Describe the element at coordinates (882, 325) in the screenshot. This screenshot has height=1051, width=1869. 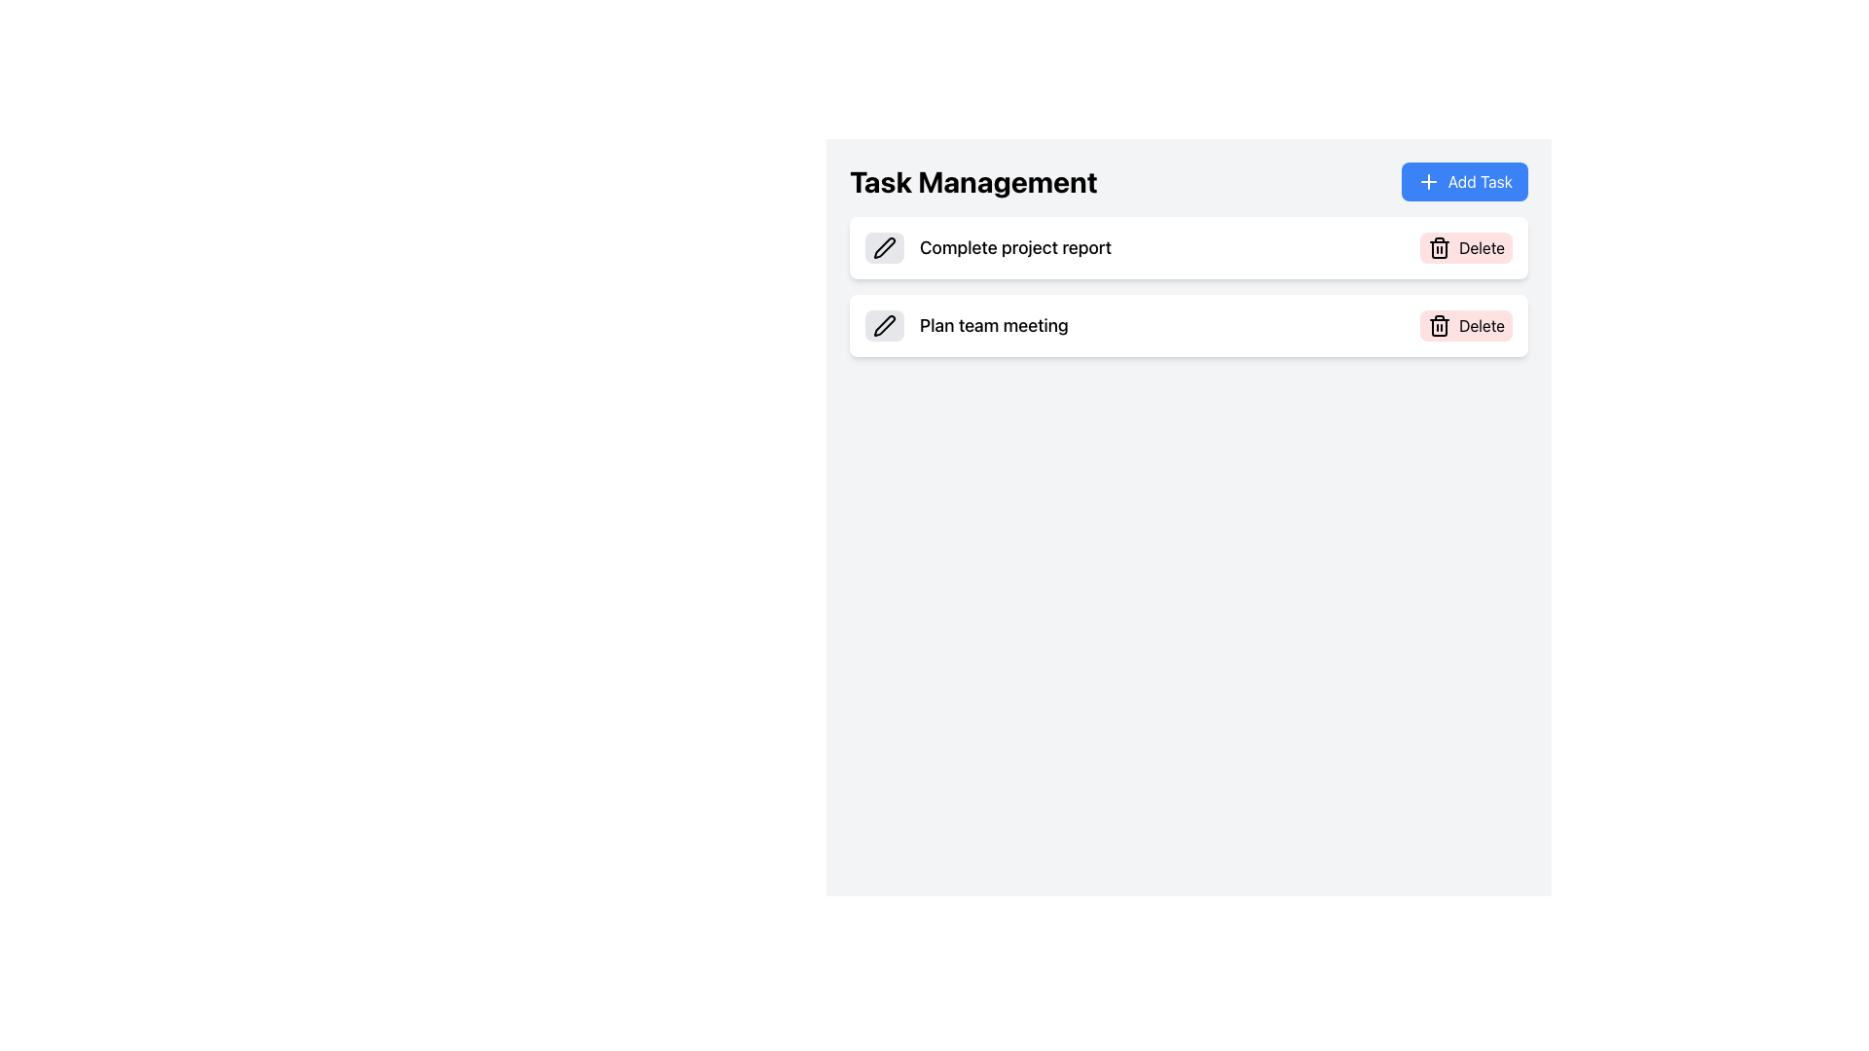
I see `the edit icon located in the top-left side of the second task item, aligned with the 'Plan team meeting' text` at that location.